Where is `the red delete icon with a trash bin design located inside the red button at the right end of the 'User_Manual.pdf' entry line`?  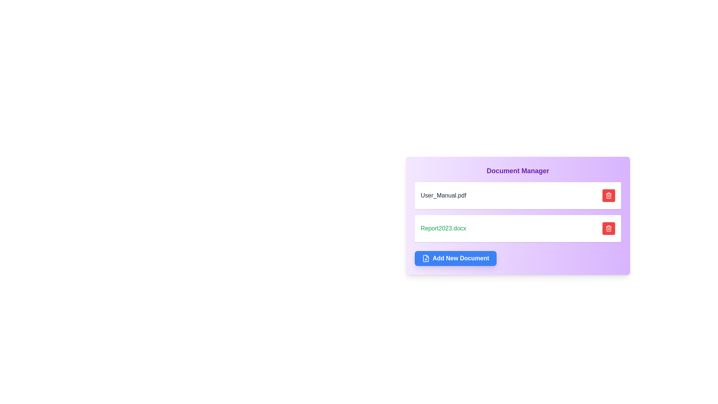
the red delete icon with a trash bin design located inside the red button at the right end of the 'User_Manual.pdf' entry line is located at coordinates (608, 195).